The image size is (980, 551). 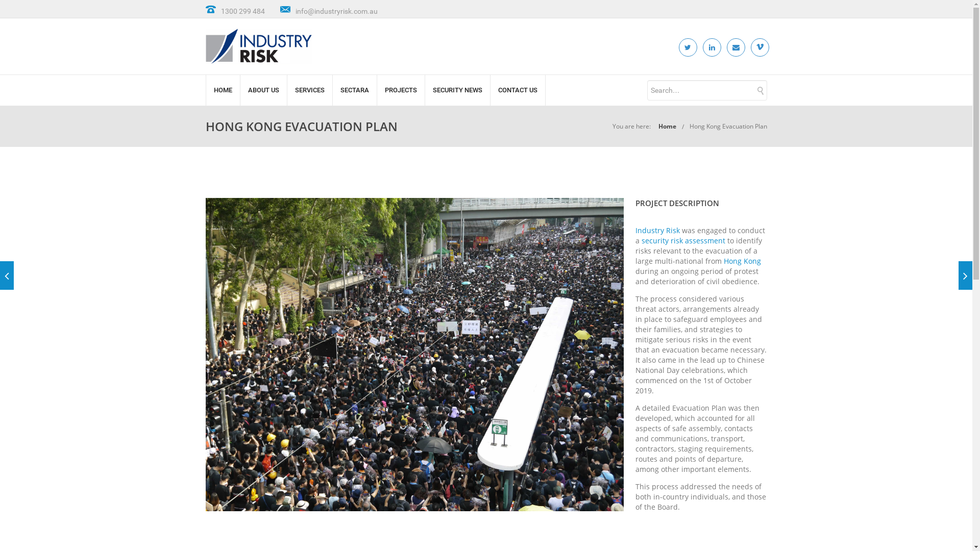 What do you see at coordinates (242, 11) in the screenshot?
I see `'1300 299 484'` at bounding box center [242, 11].